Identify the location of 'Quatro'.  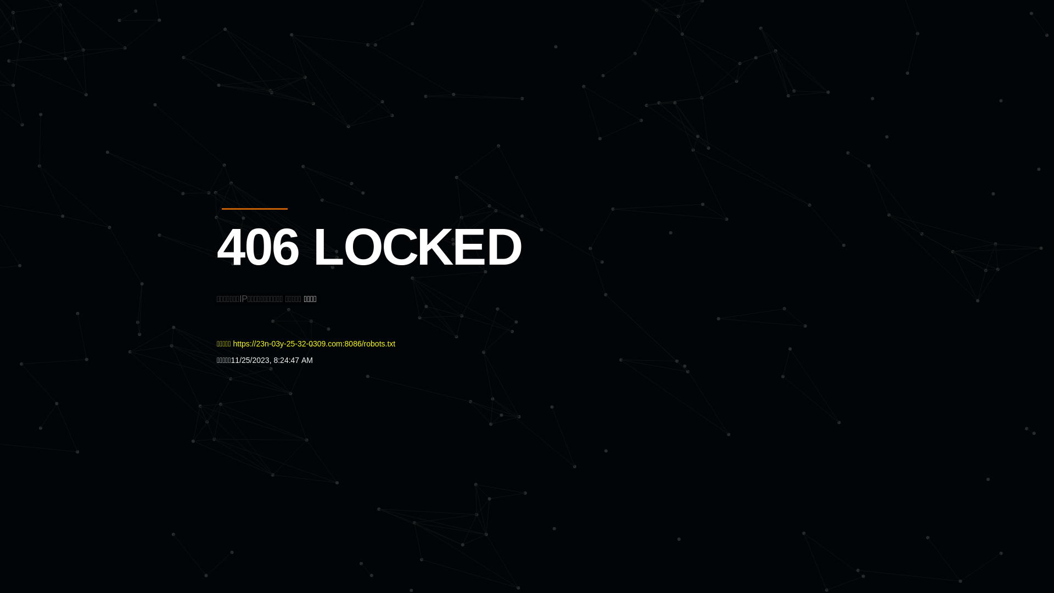
(298, 63).